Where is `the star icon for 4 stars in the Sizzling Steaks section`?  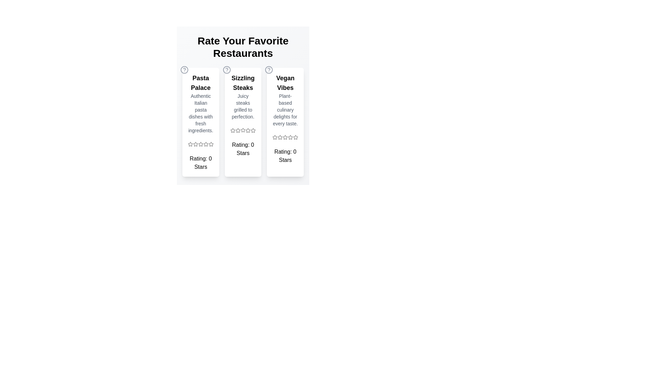 the star icon for 4 stars in the Sizzling Steaks section is located at coordinates (248, 130).